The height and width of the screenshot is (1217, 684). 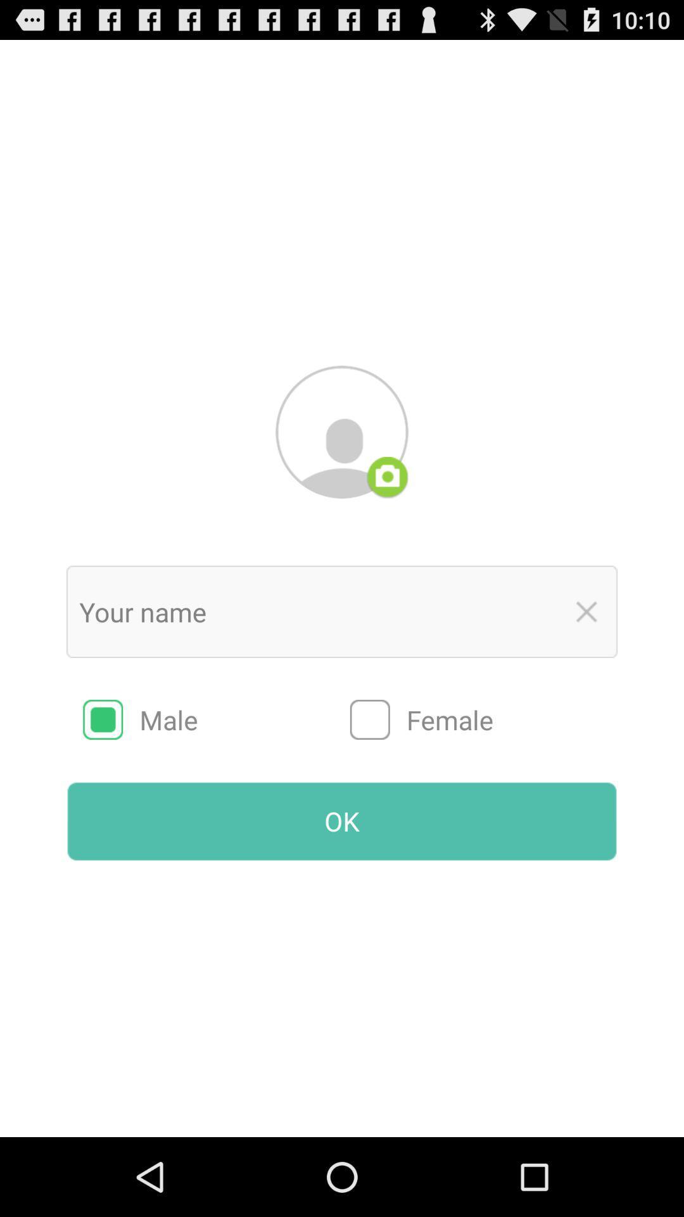 What do you see at coordinates (387, 477) in the screenshot?
I see `take photo` at bounding box center [387, 477].